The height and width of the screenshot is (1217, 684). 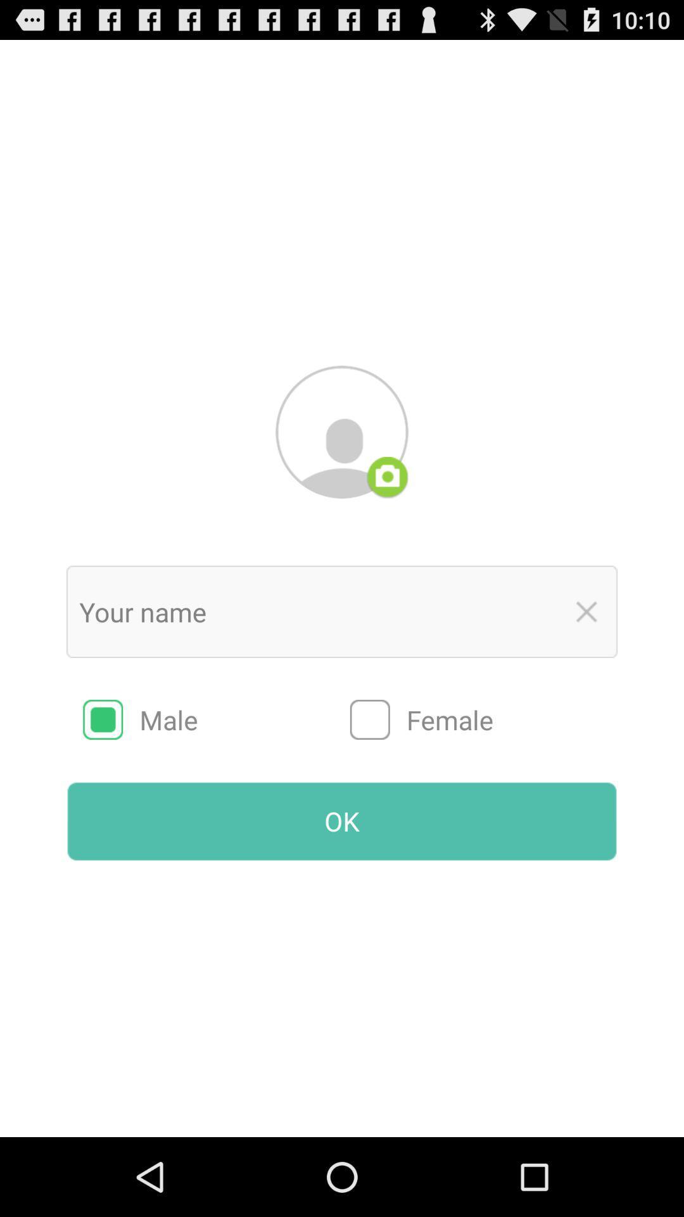 What do you see at coordinates (387, 477) in the screenshot?
I see `take photo` at bounding box center [387, 477].